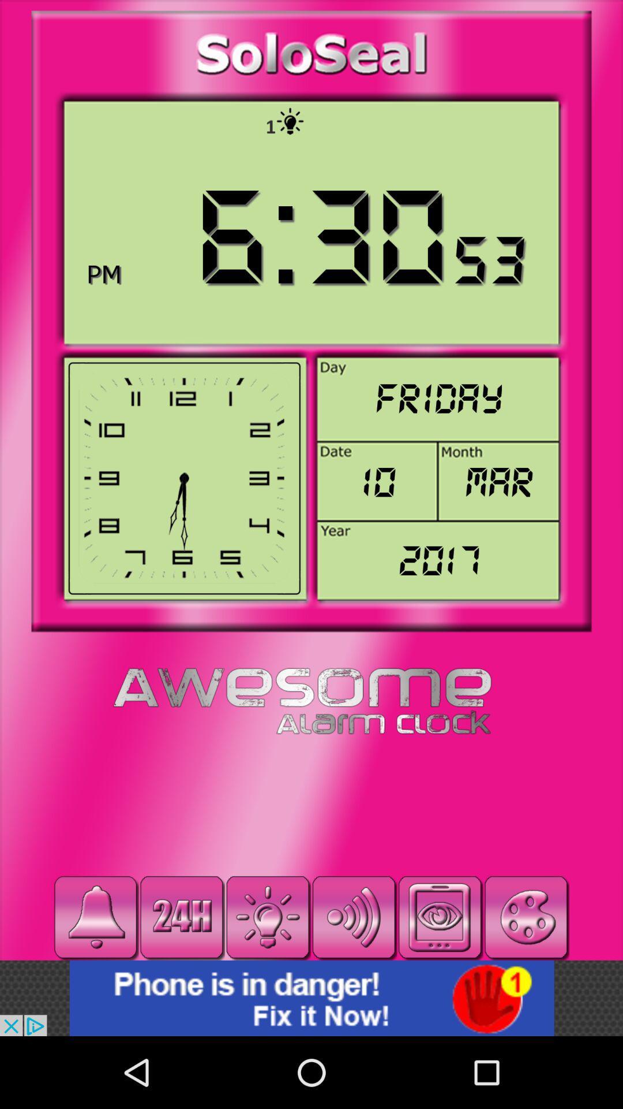 This screenshot has height=1109, width=623. What do you see at coordinates (353, 917) in the screenshot?
I see `adjust volume` at bounding box center [353, 917].